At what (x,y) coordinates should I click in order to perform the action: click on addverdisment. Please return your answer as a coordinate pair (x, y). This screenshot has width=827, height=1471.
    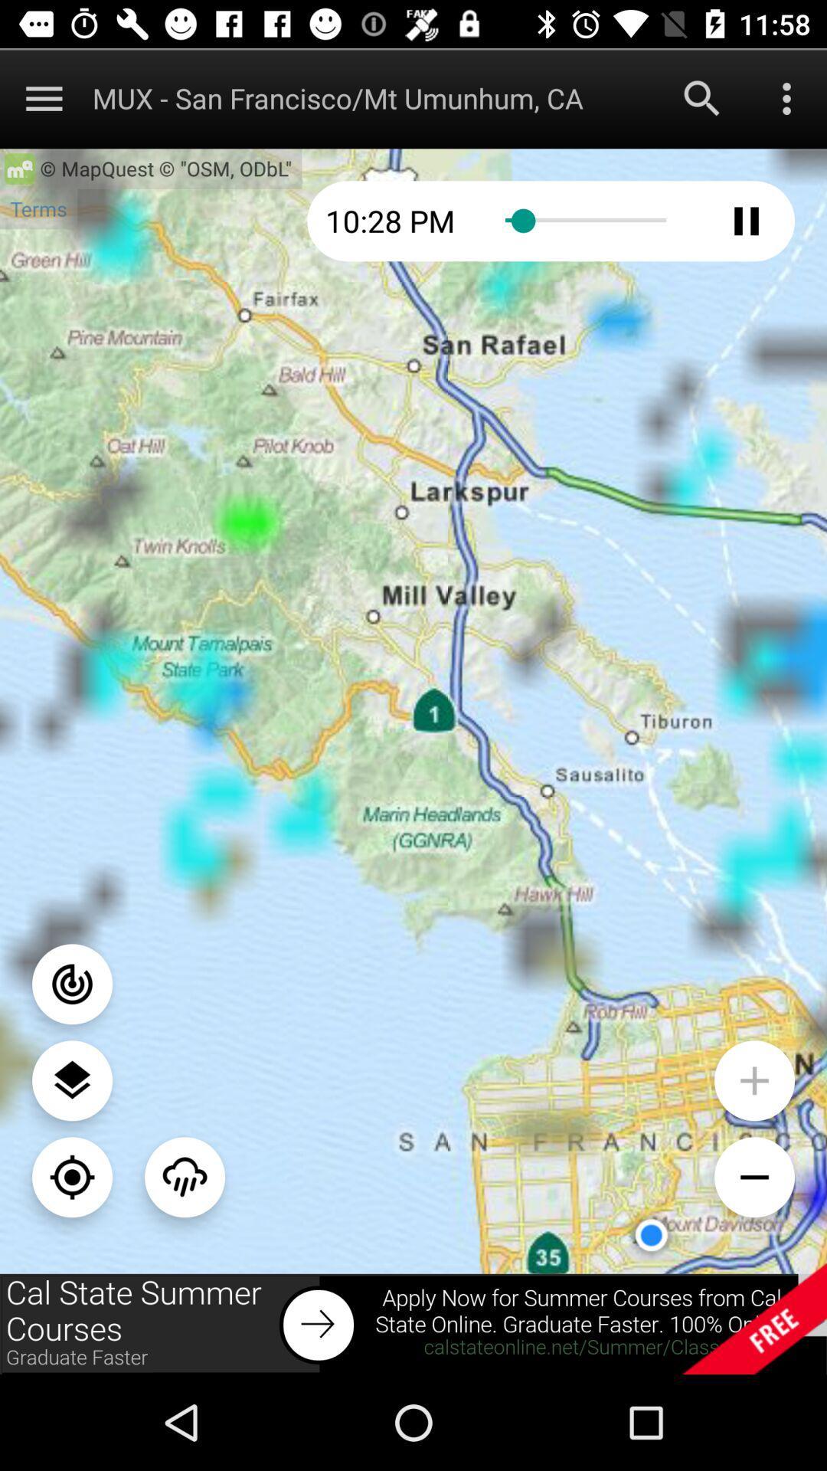
    Looking at the image, I should click on (413, 1323).